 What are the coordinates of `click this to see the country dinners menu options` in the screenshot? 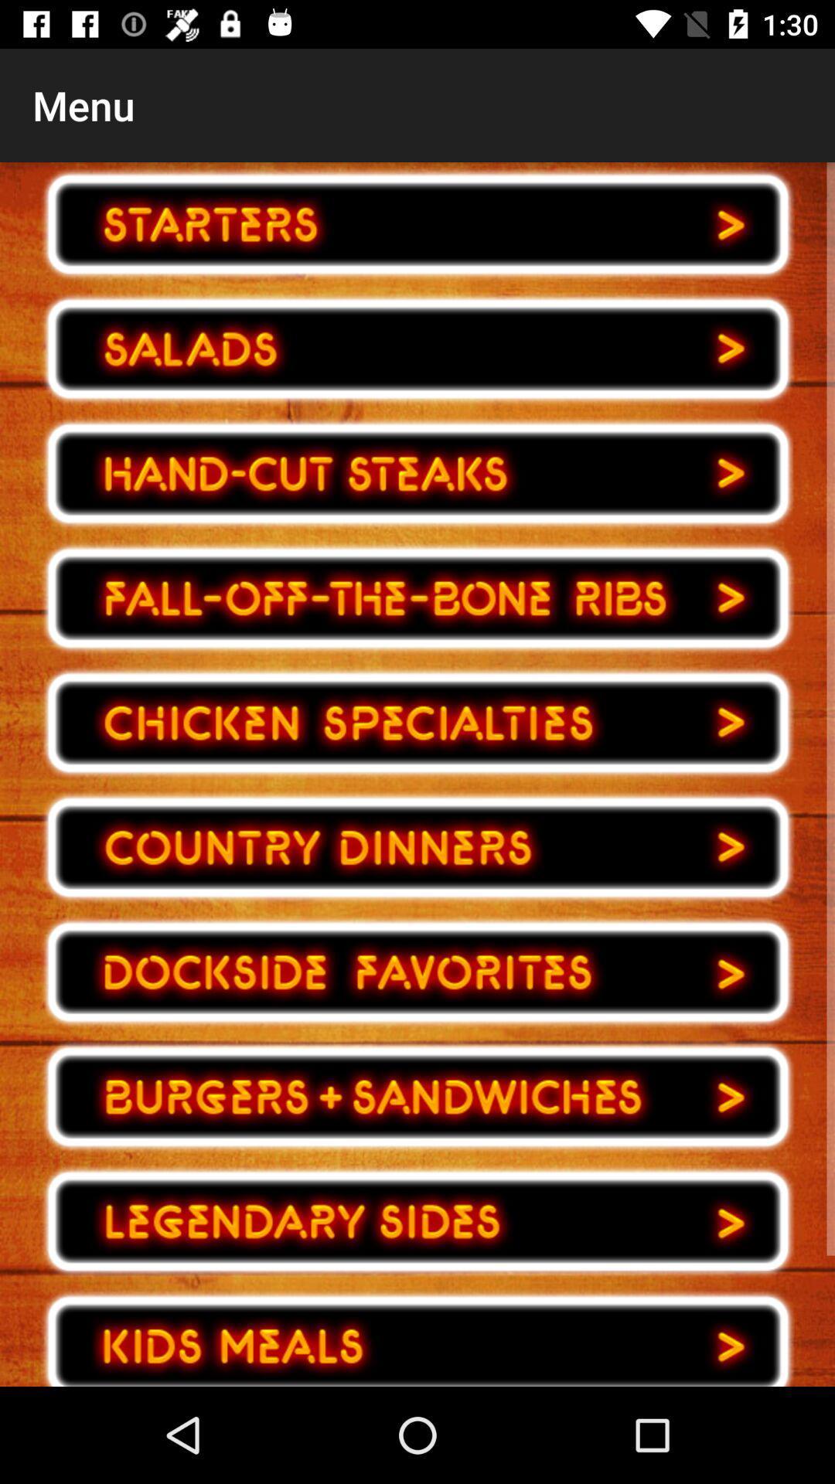 It's located at (417, 846).